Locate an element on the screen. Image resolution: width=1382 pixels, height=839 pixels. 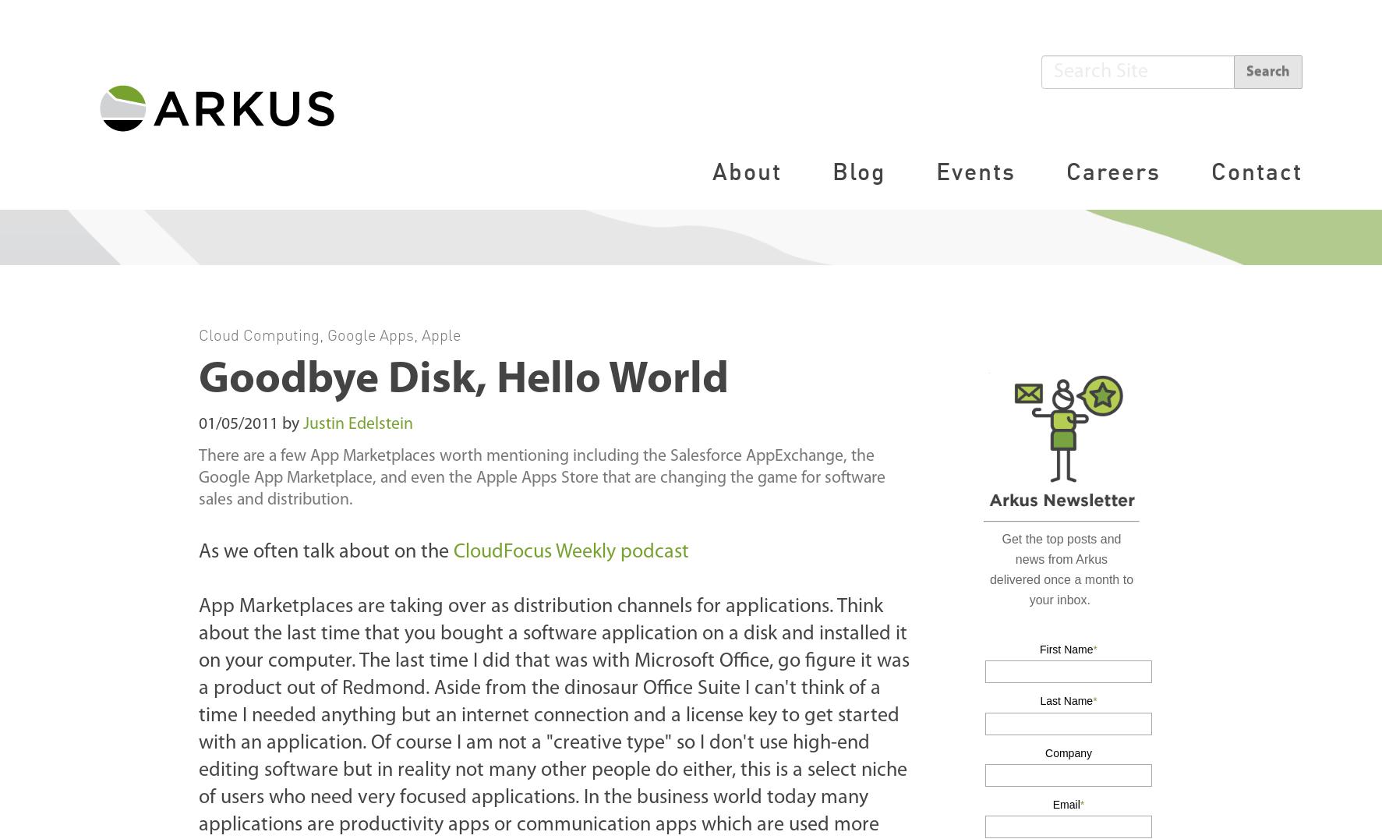
'There are a few App Marketplaces worth mentioning including the Salesforce AppExchange, the Google App Marketplace, and even the Apple Apps Store that are changing the game for software sales and distribution.' is located at coordinates (197, 477).